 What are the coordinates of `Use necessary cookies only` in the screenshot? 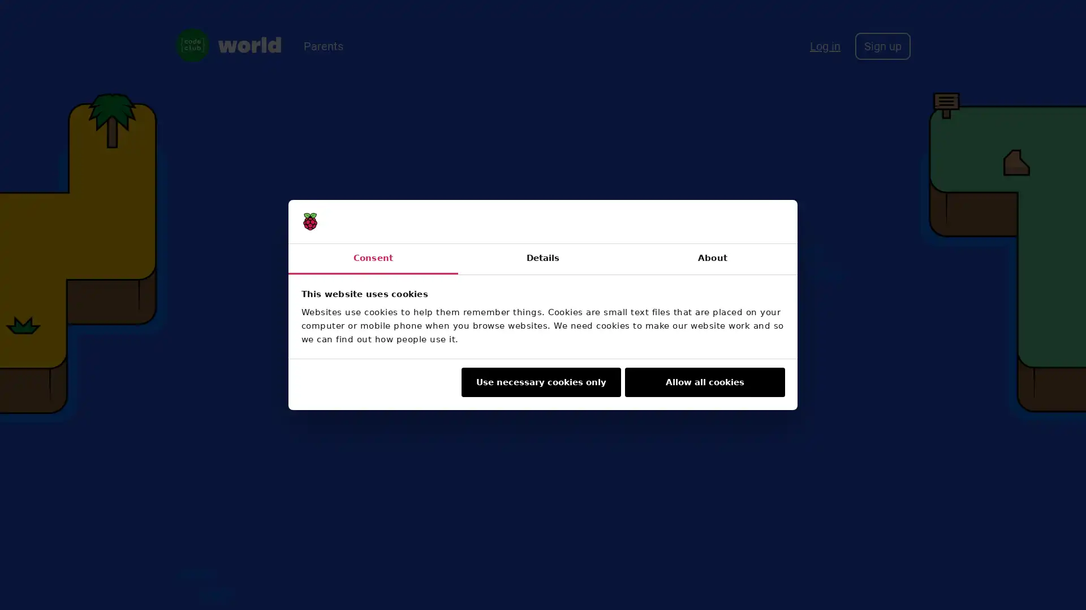 It's located at (540, 382).